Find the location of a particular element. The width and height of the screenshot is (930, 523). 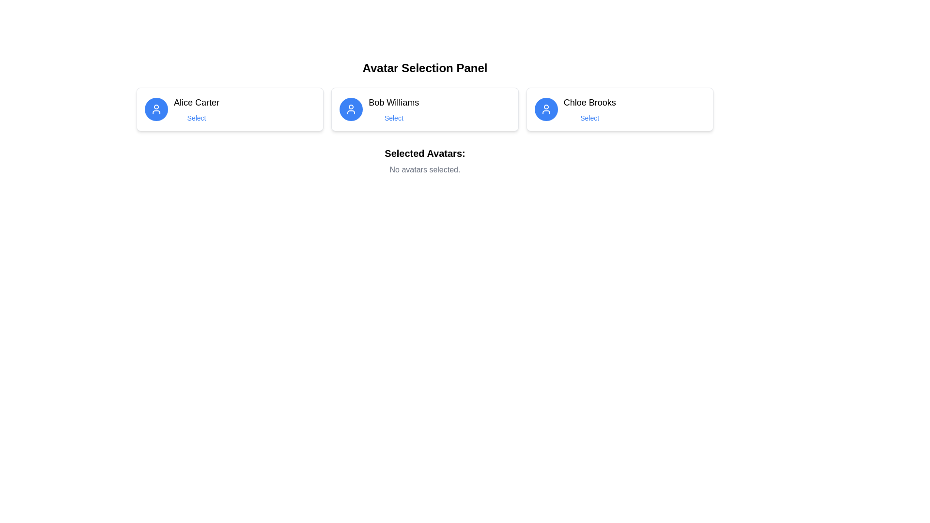

the button to select the user 'Chloe Brooks', which is located at the bottom of the user selection card is located at coordinates (589, 117).